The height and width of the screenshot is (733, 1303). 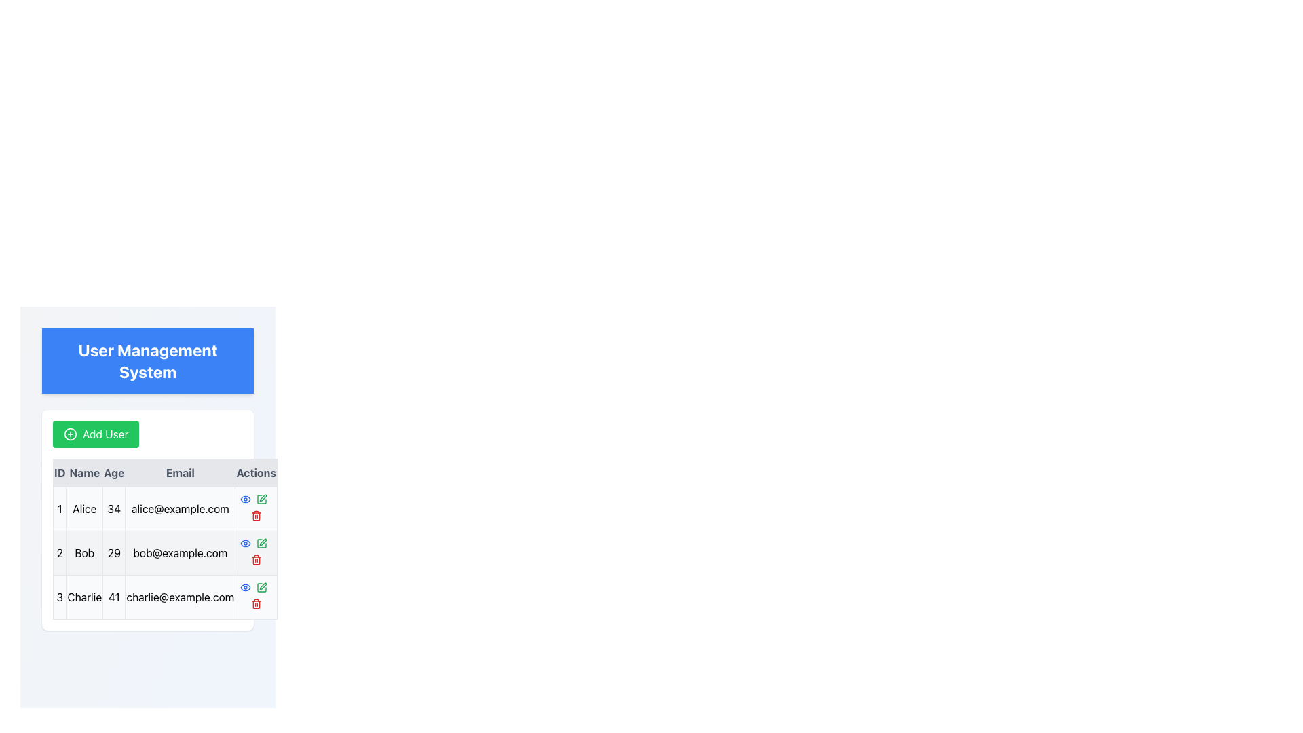 I want to click on the red trash bin icon button located in the 'Actions' column of the table row corresponding to user 'Charlie' with email 'charlie@example.com' and ID '3' to initiate deletion, so click(x=256, y=596).